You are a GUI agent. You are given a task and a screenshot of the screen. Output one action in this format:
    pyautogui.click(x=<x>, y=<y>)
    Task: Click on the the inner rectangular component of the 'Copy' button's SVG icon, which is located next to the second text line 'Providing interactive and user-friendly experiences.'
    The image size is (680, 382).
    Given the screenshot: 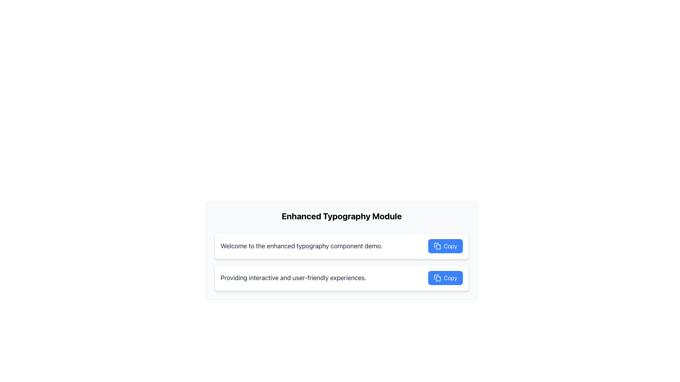 What is the action you would take?
    pyautogui.click(x=438, y=278)
    